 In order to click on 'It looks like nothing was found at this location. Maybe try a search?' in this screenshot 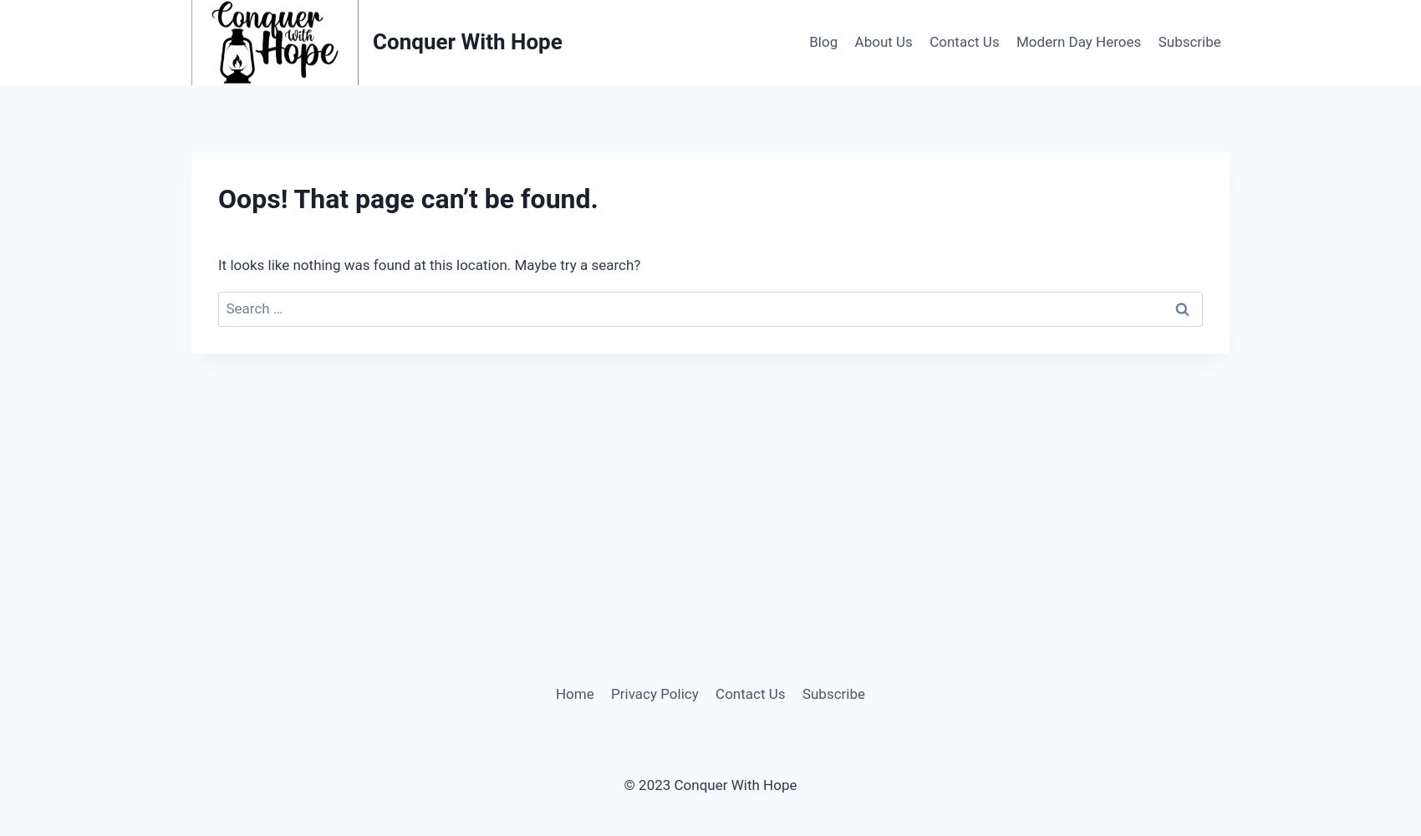, I will do `click(429, 264)`.